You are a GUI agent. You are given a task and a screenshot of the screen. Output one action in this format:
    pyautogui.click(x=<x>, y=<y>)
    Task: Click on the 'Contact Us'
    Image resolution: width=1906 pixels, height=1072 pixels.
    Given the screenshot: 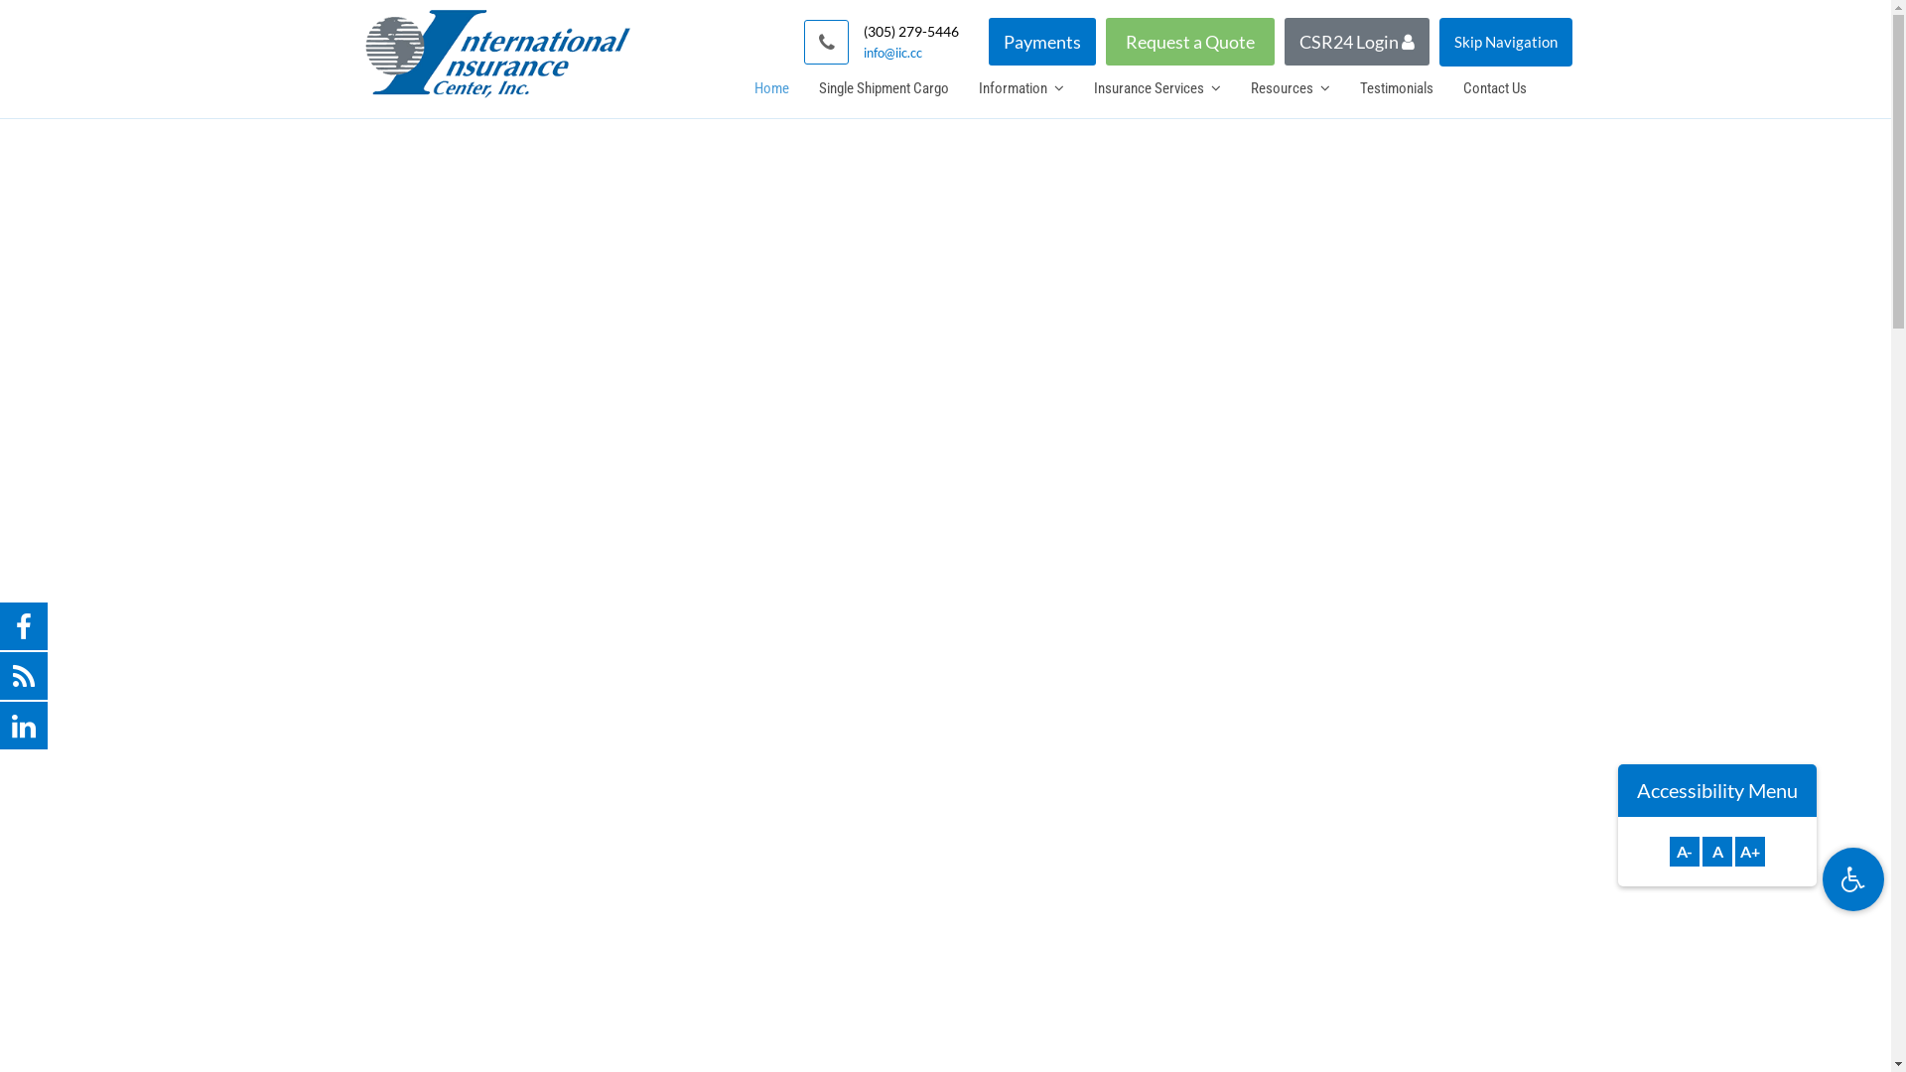 What is the action you would take?
    pyautogui.click(x=1494, y=86)
    